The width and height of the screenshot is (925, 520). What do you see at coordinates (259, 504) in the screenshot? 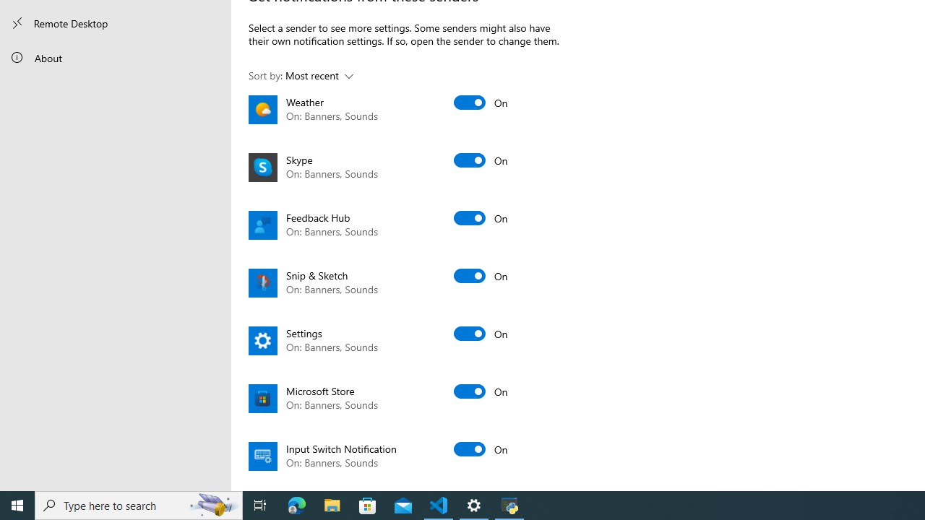
I see `'Task View'` at bounding box center [259, 504].